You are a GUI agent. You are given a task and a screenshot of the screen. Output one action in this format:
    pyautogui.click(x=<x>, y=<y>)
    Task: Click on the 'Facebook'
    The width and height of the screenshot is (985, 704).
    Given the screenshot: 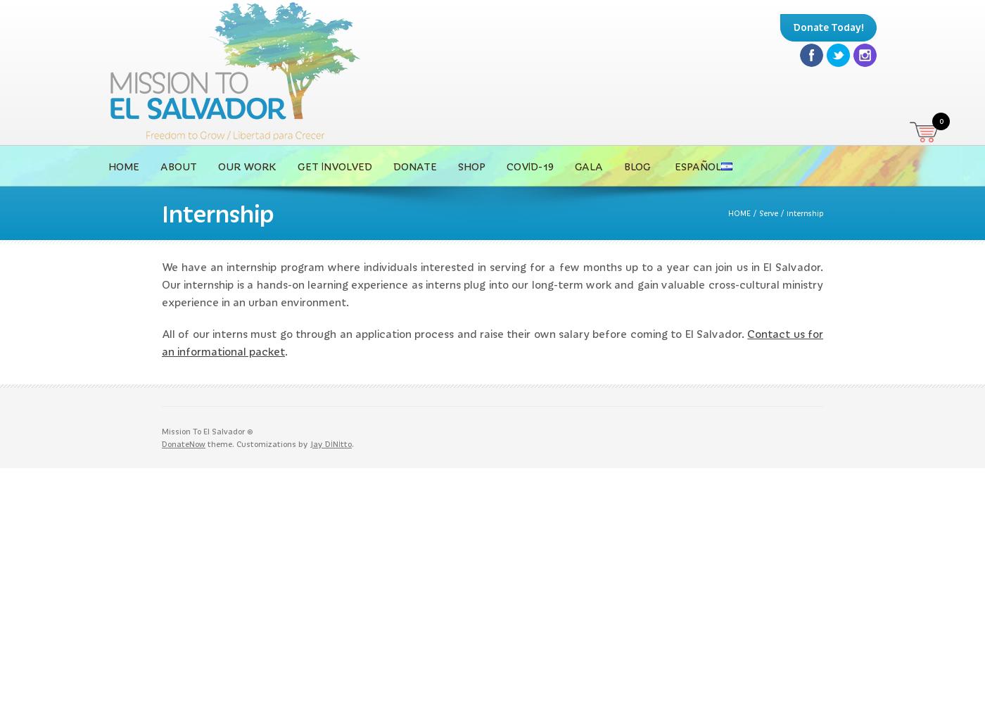 What is the action you would take?
    pyautogui.click(x=794, y=11)
    